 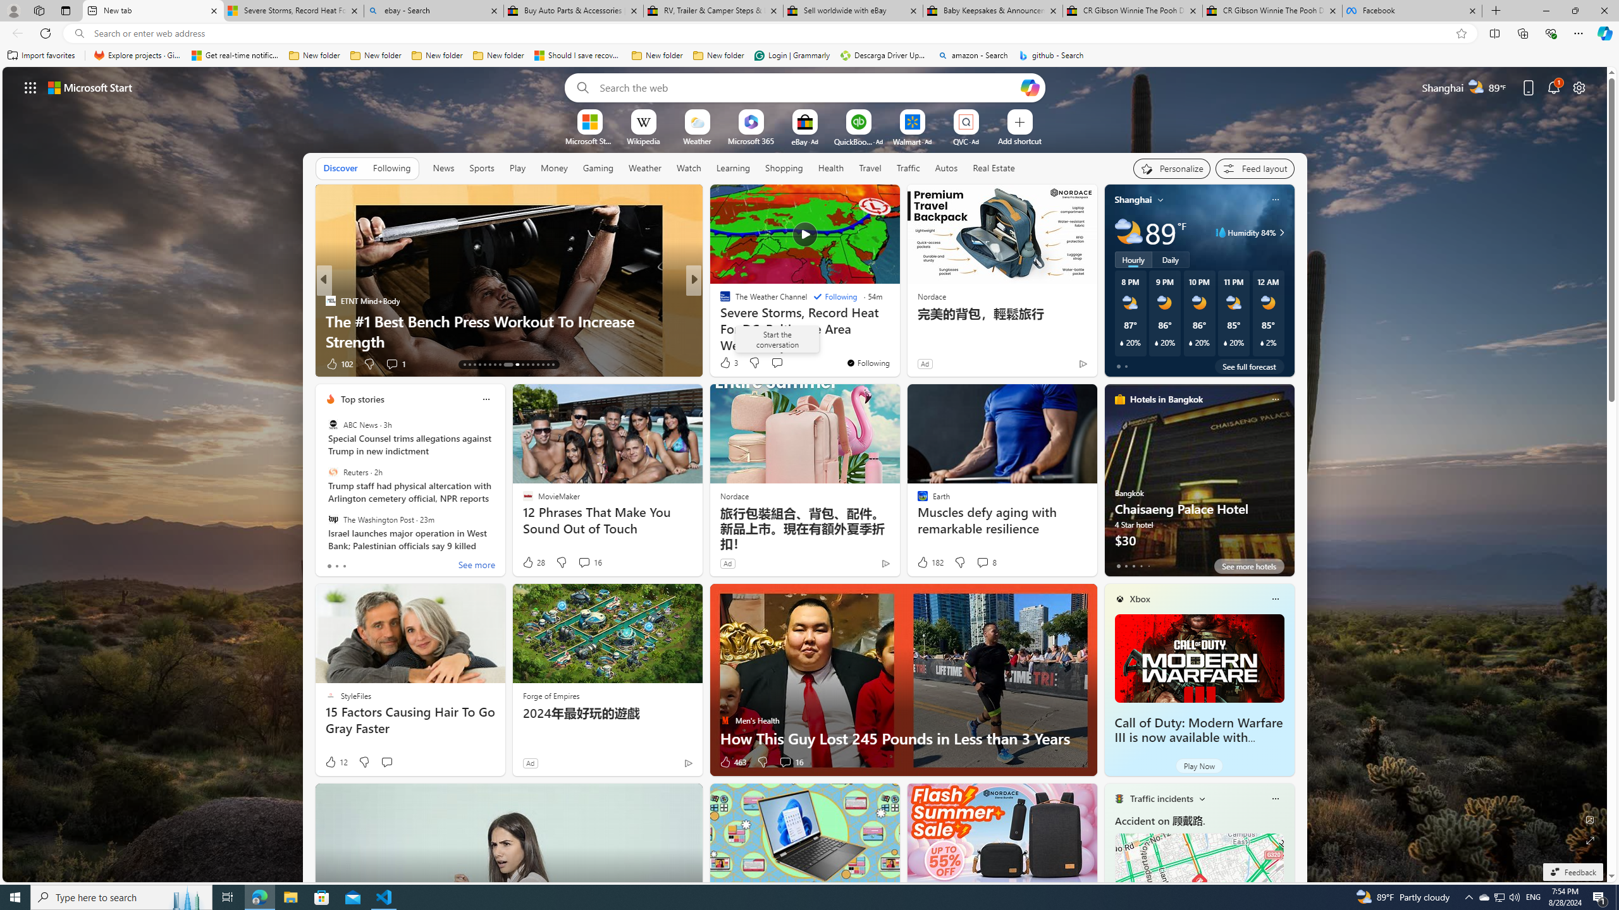 I want to click on 'The History of the Windows Start Menu', so click(x=897, y=341).